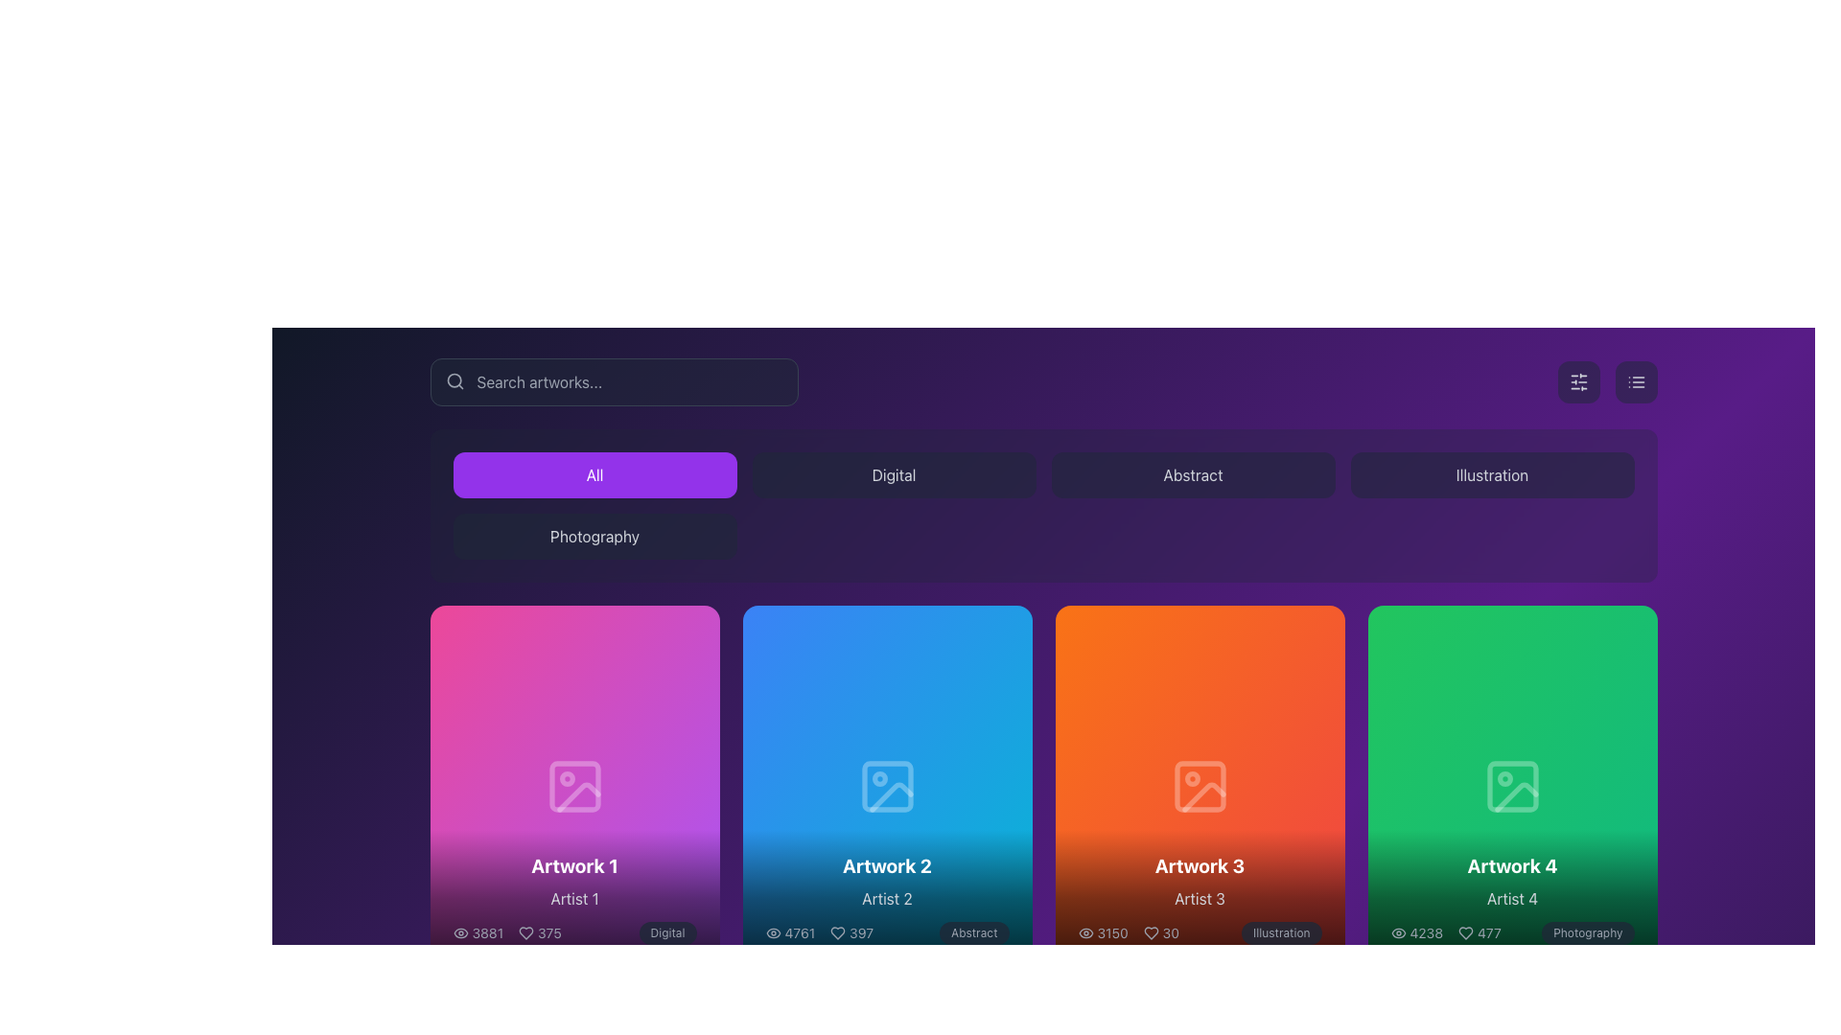  What do you see at coordinates (878, 778) in the screenshot?
I see `the decorative circle element in the 'Artwork 2, Artist 2' card, which is part of the image icon and positioned centrally within the icon` at bounding box center [878, 778].